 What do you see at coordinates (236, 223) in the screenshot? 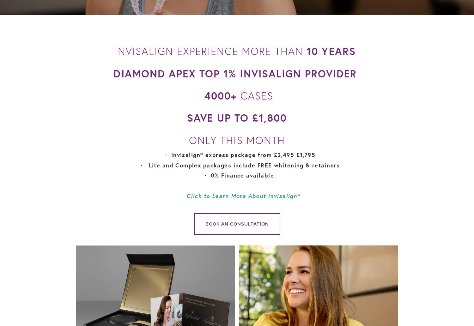
I see `'Book an consultation'` at bounding box center [236, 223].